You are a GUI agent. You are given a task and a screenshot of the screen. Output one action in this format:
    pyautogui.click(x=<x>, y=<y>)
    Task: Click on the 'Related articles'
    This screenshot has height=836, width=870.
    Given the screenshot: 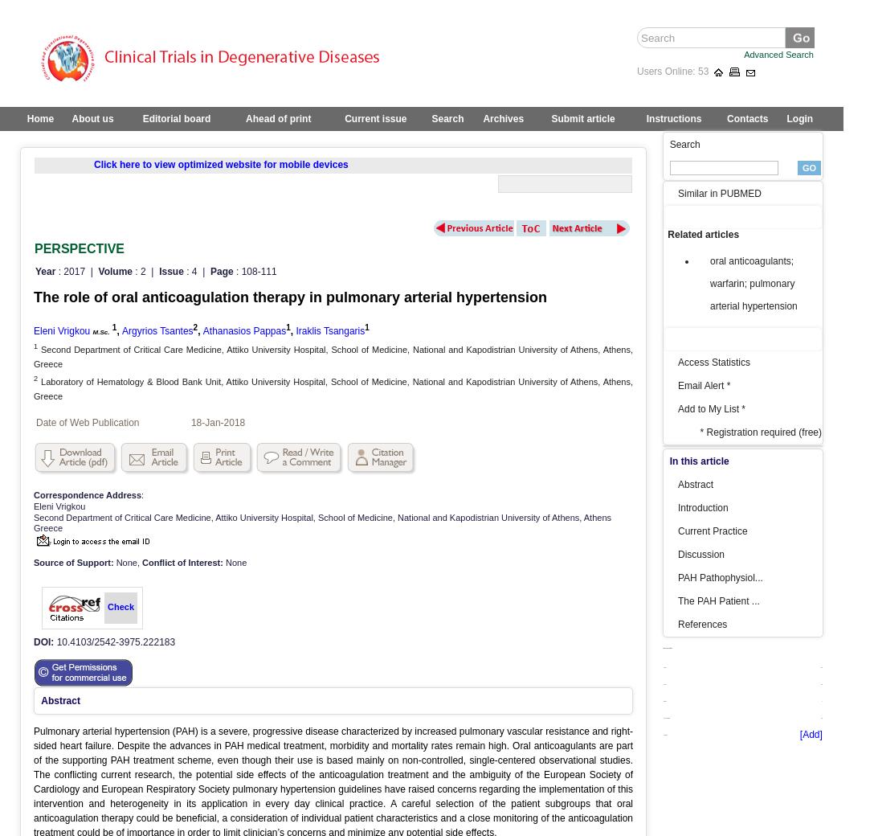 What is the action you would take?
    pyautogui.click(x=703, y=234)
    